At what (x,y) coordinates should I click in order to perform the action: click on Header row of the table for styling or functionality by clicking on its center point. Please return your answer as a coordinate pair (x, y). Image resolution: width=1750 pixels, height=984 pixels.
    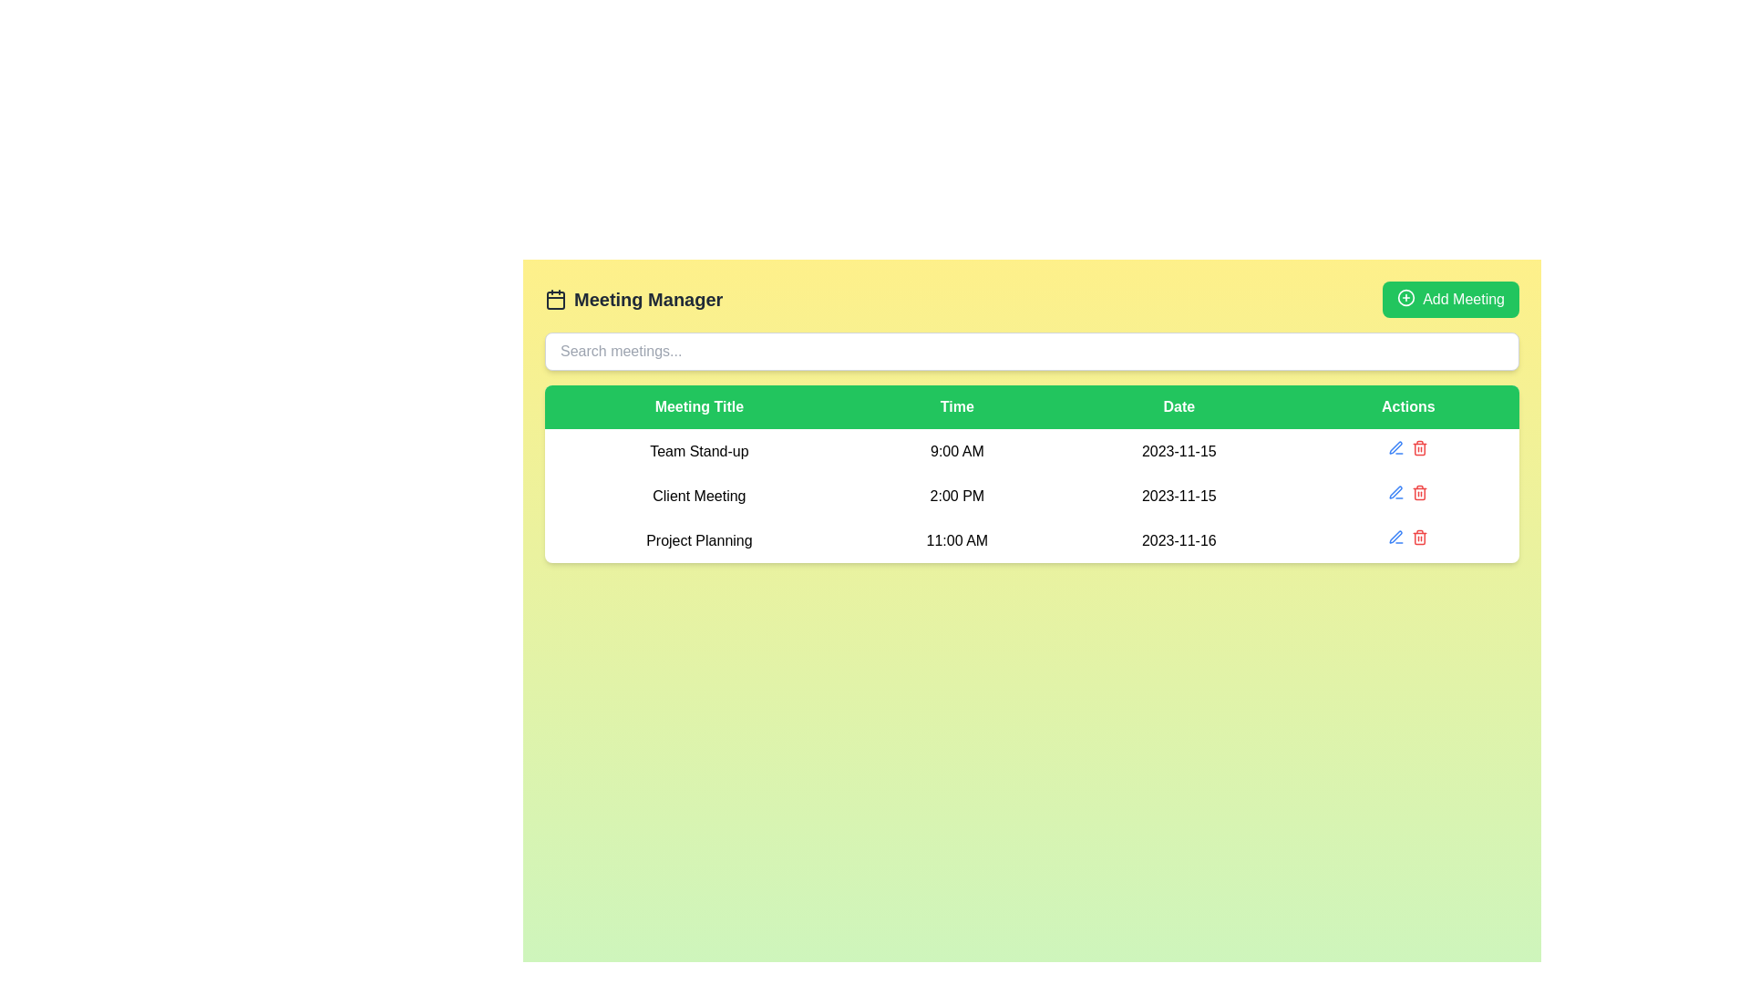
    Looking at the image, I should click on (1032, 406).